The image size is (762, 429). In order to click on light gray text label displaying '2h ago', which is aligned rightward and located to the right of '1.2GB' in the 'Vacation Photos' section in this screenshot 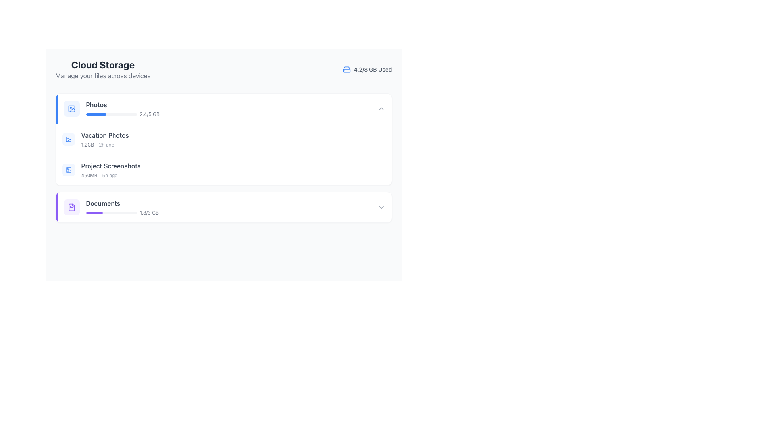, I will do `click(106, 145)`.